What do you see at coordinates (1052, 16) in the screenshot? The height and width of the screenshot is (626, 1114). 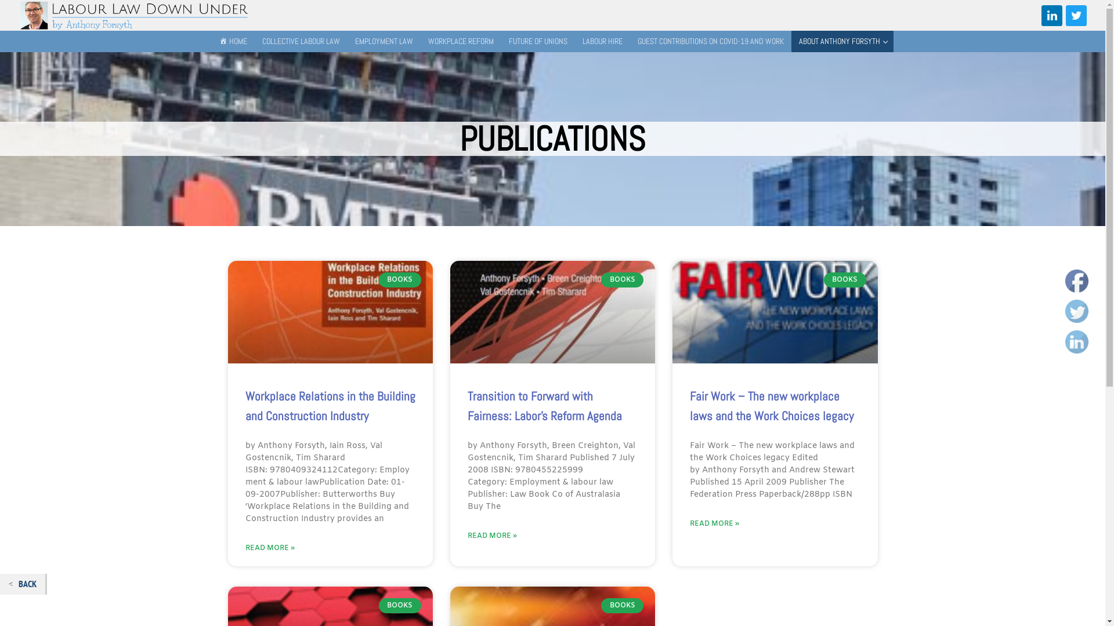 I see `'LinkedIn'` at bounding box center [1052, 16].